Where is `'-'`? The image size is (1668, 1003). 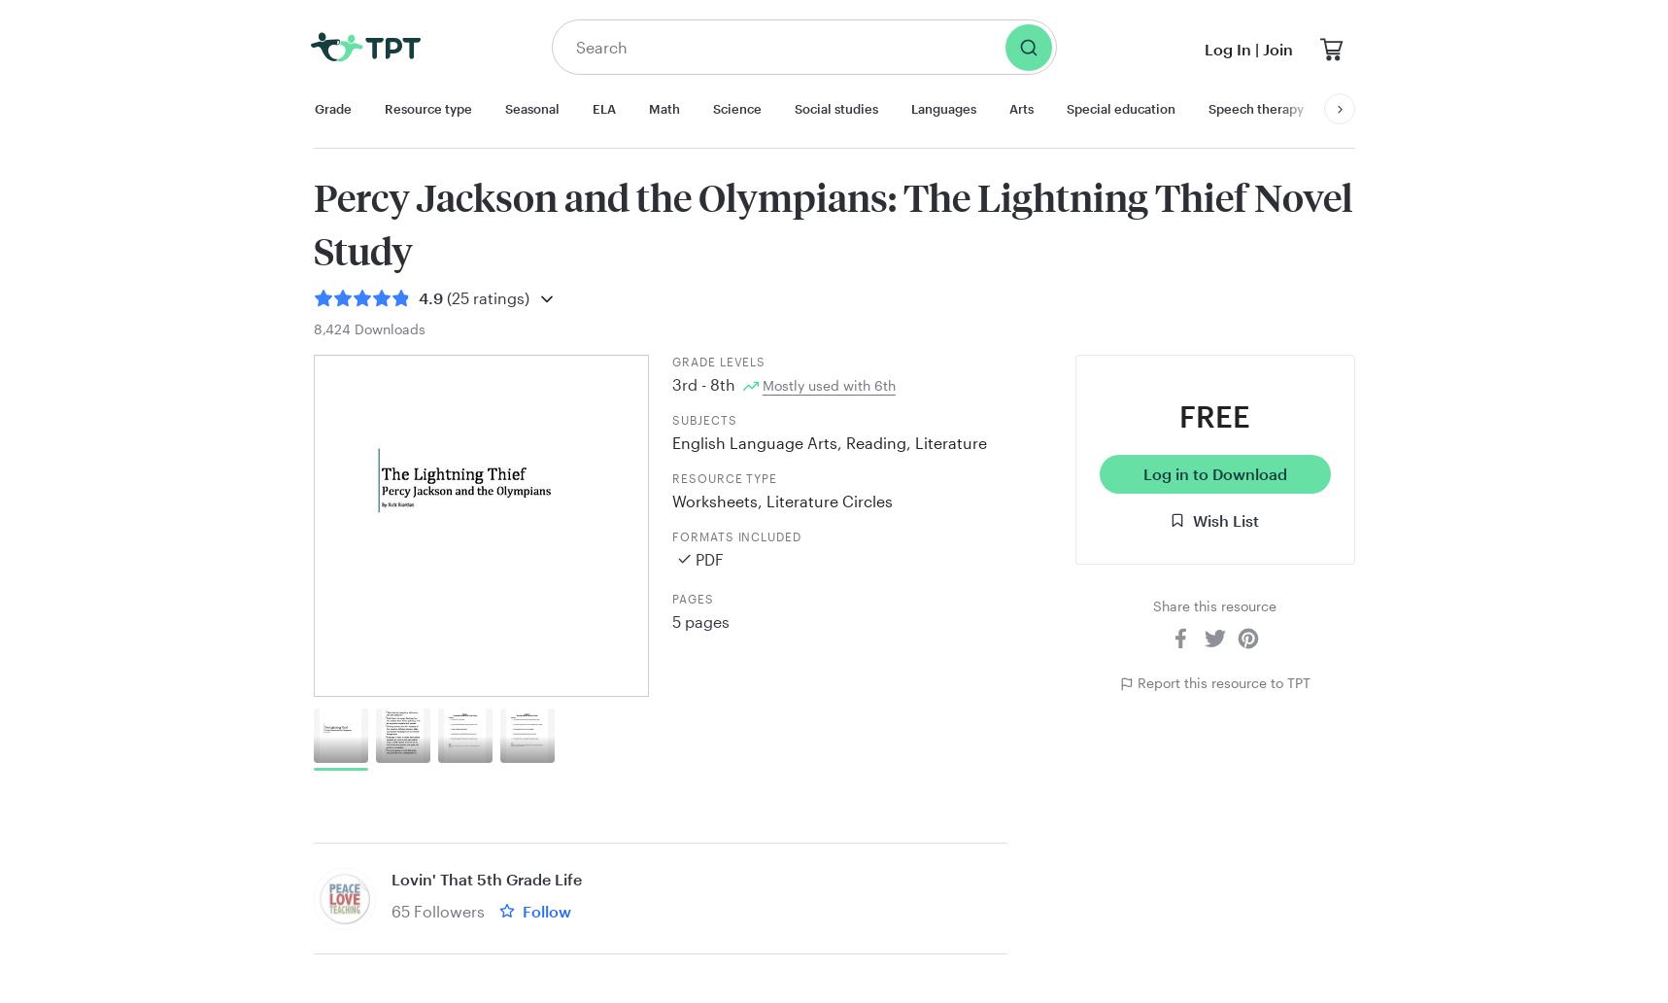
'-' is located at coordinates (702, 383).